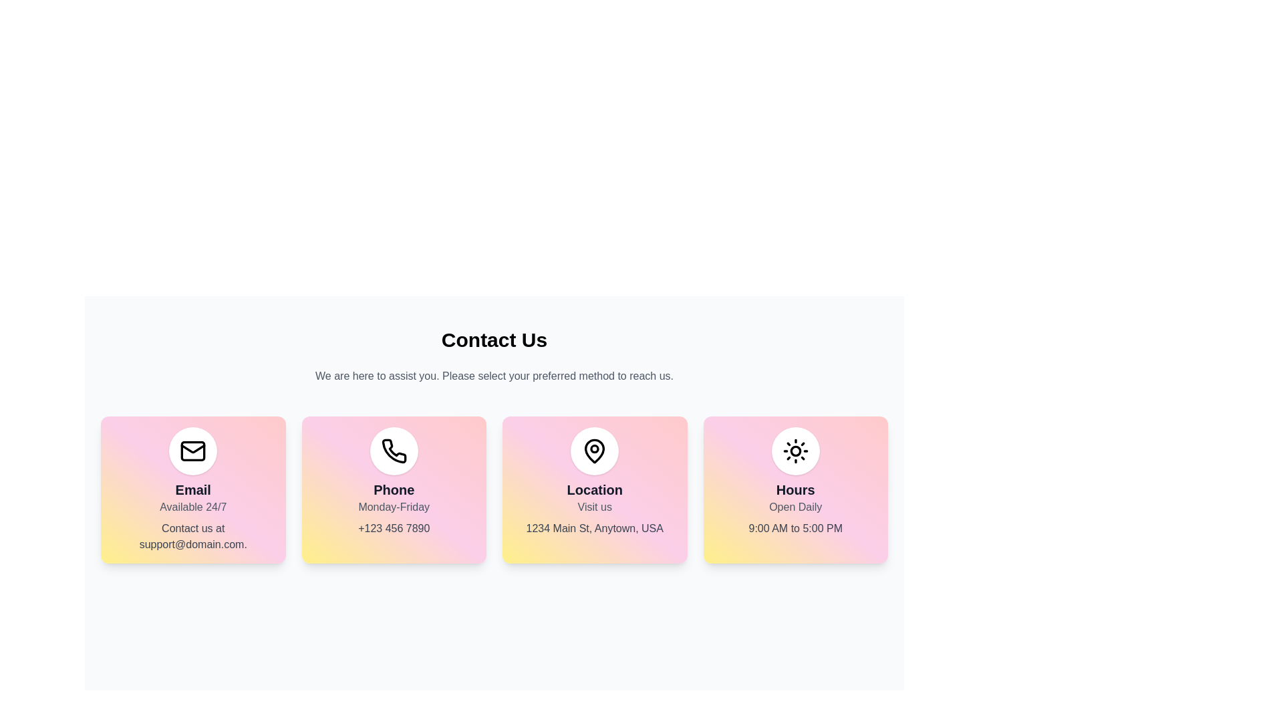  I want to click on the text element that states 'We are here to assist you. Please select your preferred method to reach us.' which is located below the 'Contact Us' heading and above the options grid, so click(493, 376).